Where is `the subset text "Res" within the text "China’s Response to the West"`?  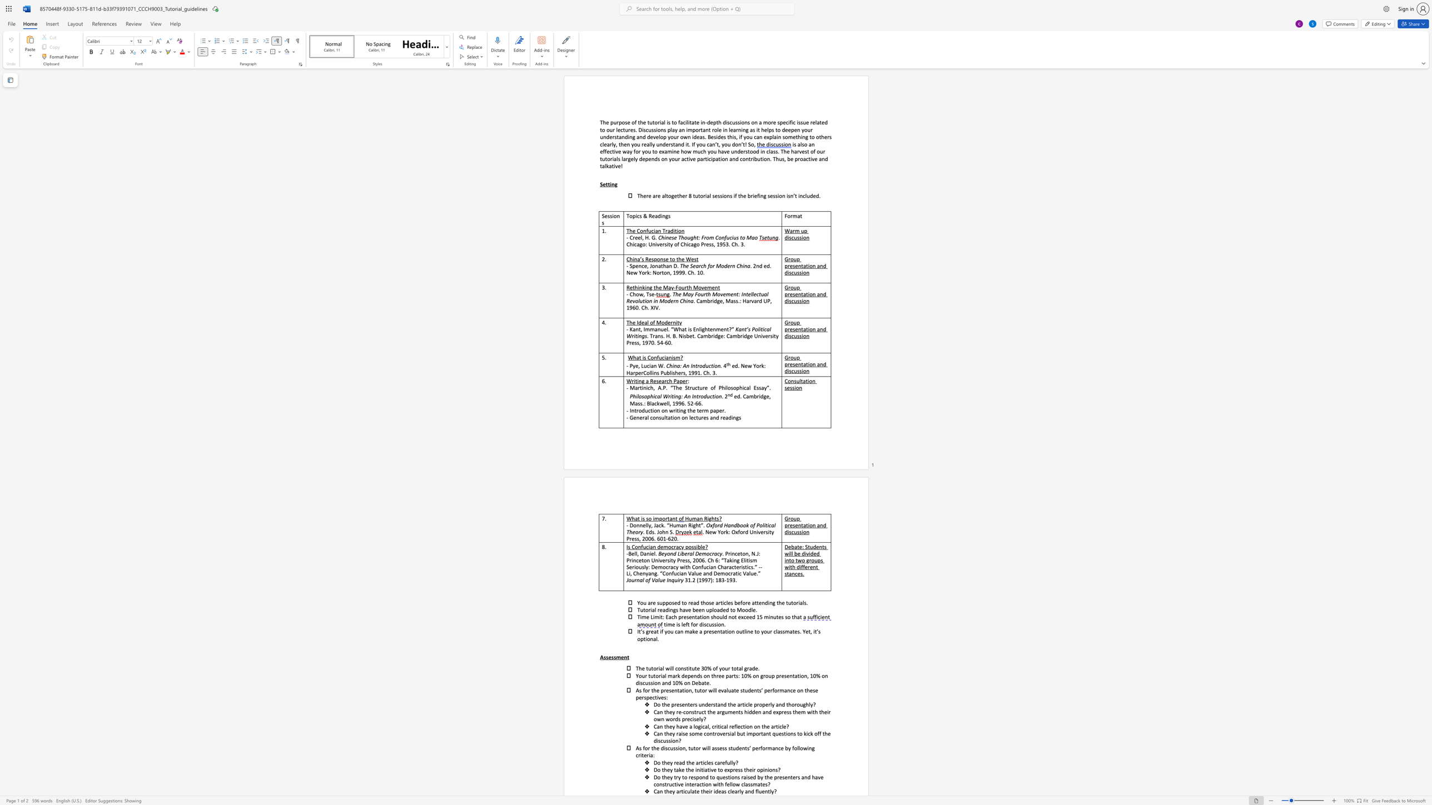 the subset text "Res" within the text "China’s Response to the West" is located at coordinates (645, 259).